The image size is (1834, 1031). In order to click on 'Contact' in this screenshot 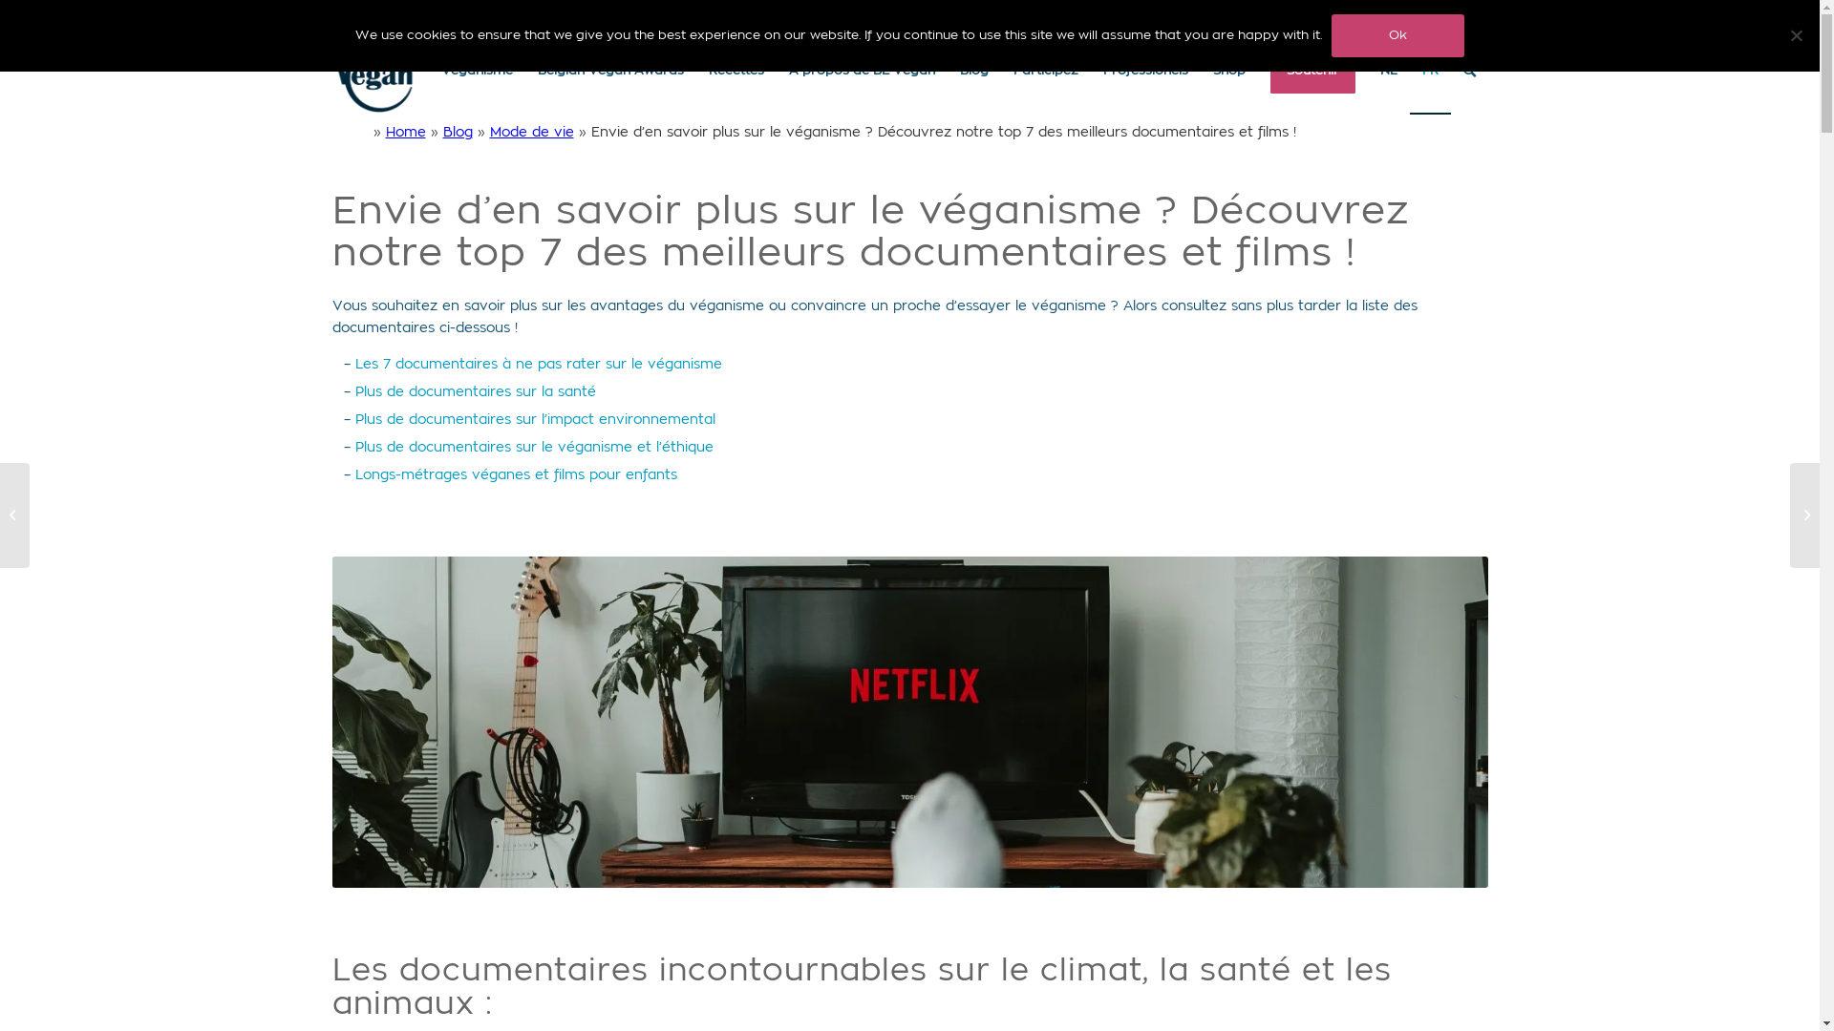, I will do `click(1399, 13)`.